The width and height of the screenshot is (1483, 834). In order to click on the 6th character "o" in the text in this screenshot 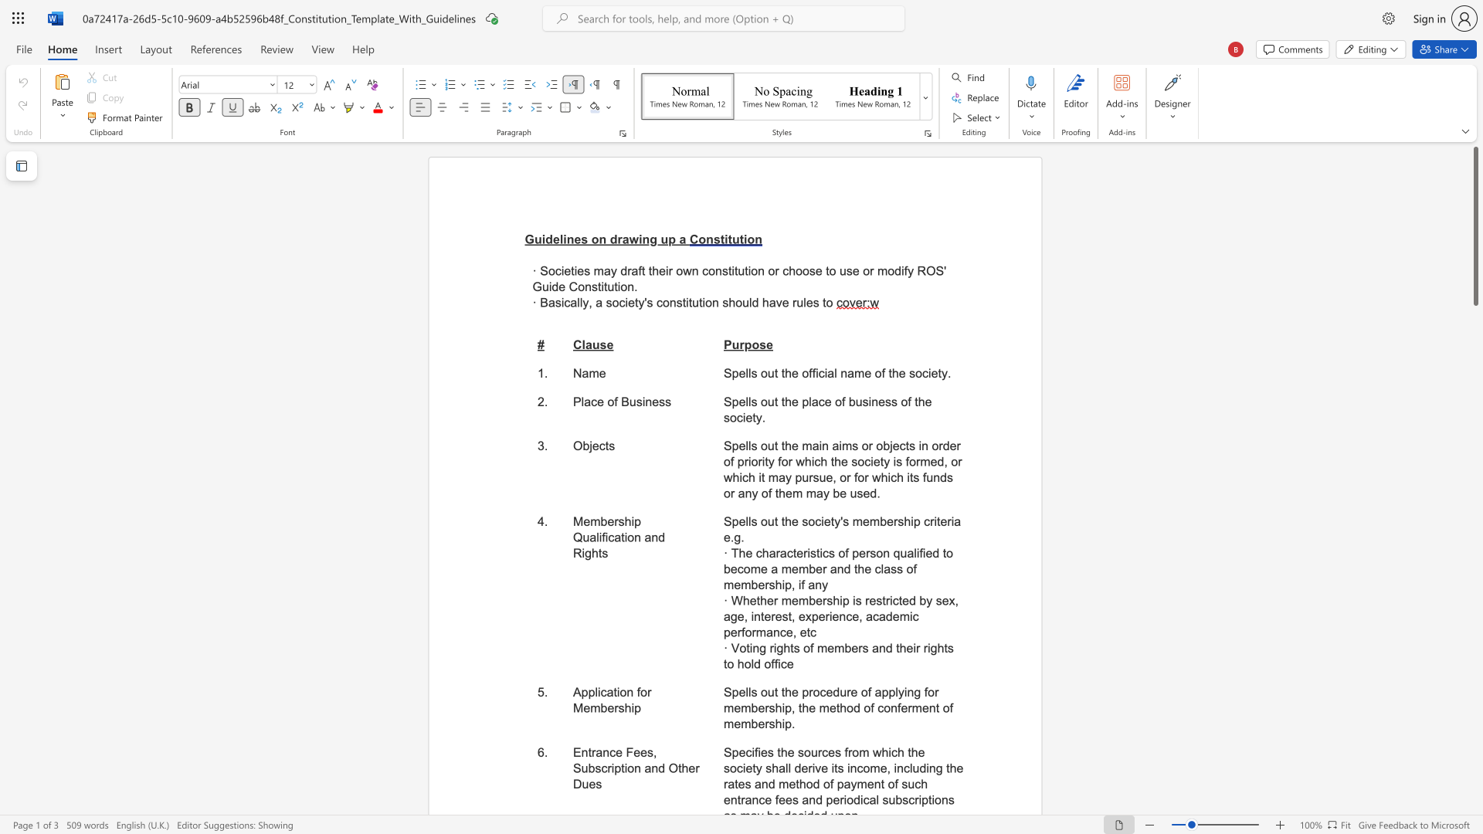, I will do `click(799, 270)`.